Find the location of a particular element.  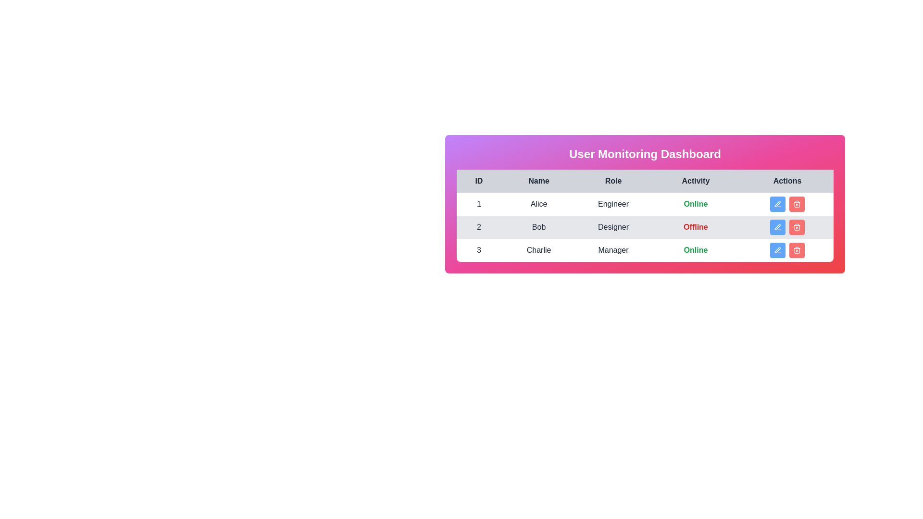

the row corresponding to user 1 is located at coordinates (645, 203).